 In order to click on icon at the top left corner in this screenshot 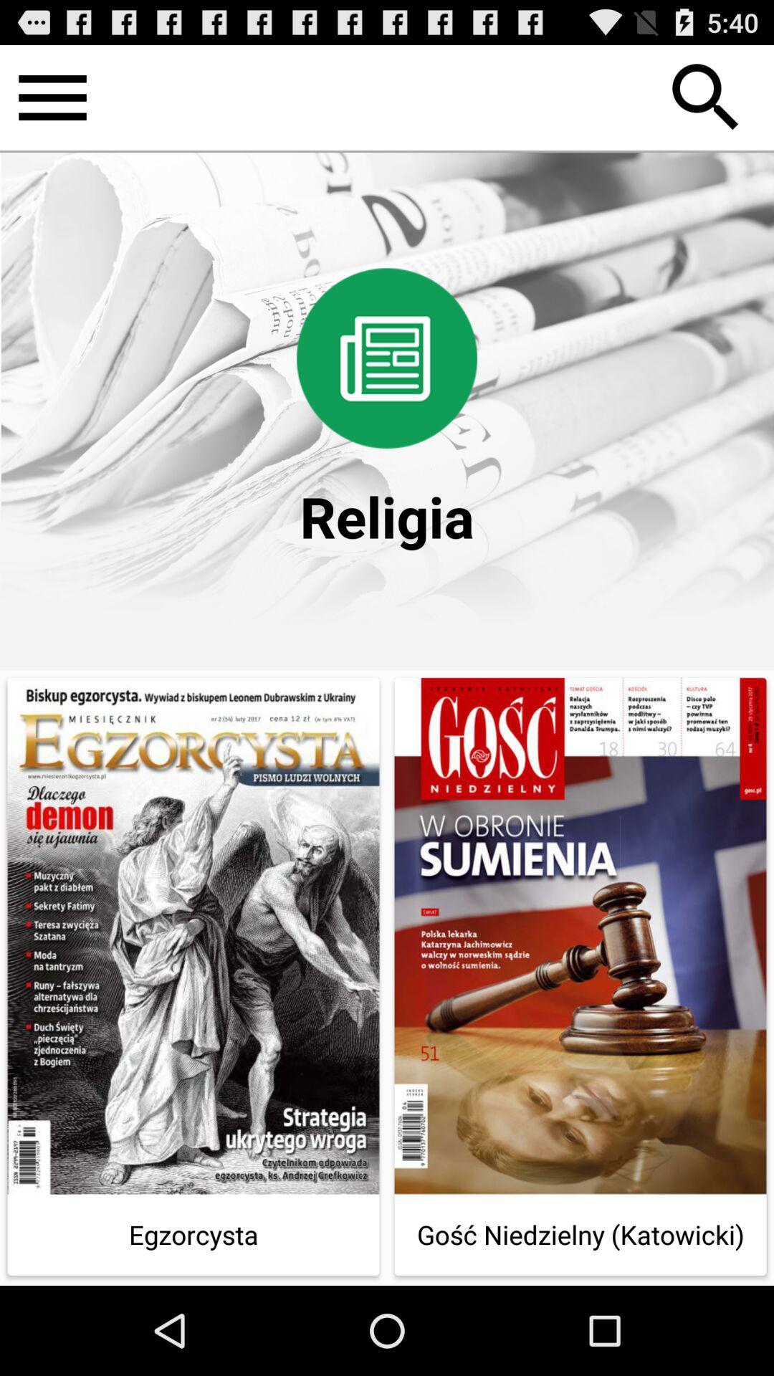, I will do `click(52, 97)`.